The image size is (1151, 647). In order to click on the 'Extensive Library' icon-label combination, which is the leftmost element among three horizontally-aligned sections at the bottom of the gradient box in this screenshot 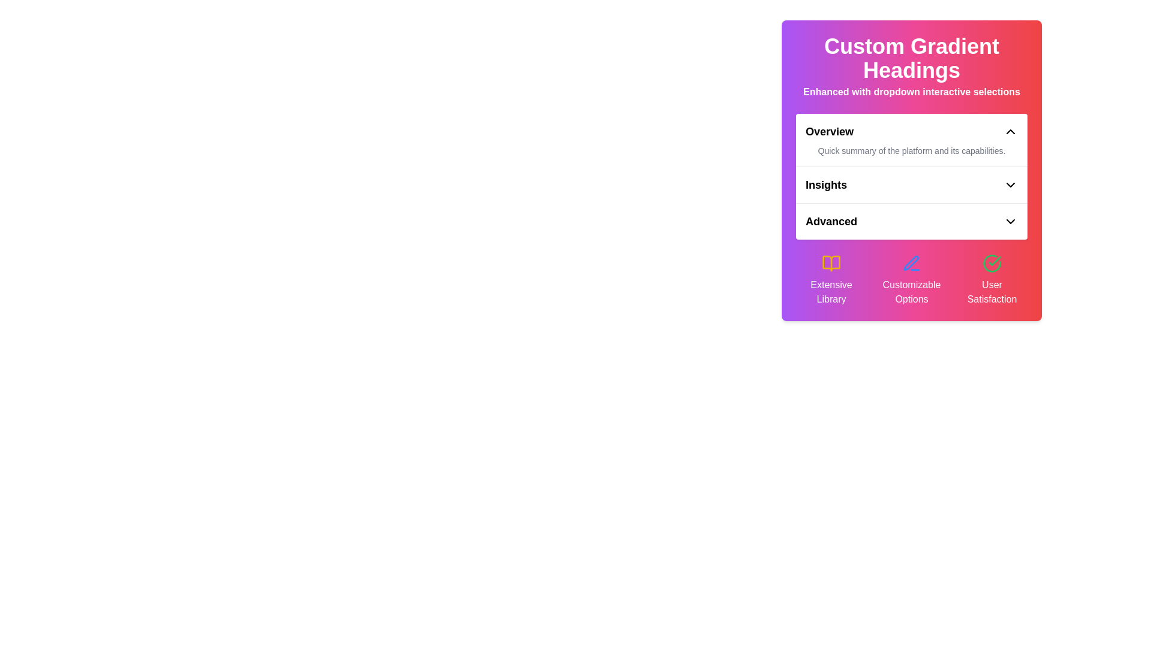, I will do `click(831, 280)`.